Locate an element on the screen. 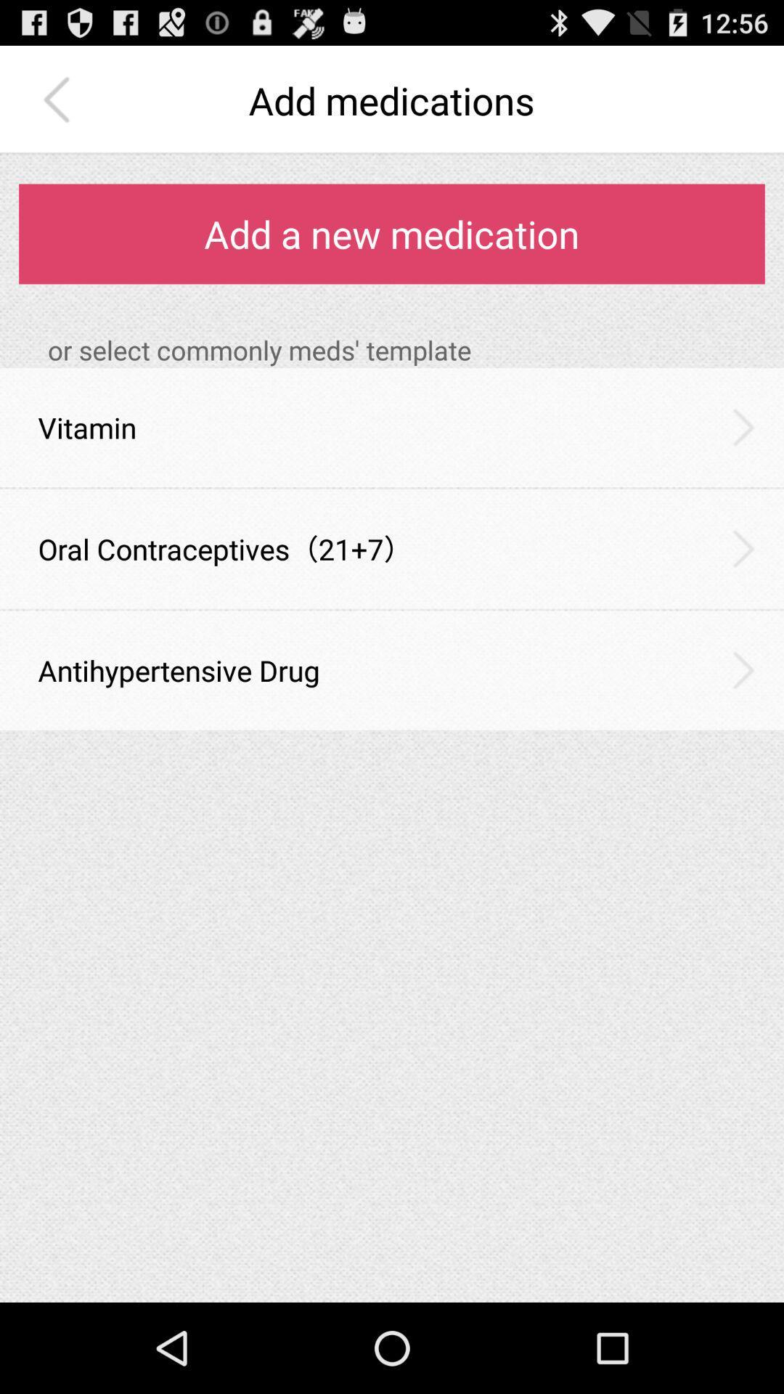 Image resolution: width=784 pixels, height=1394 pixels. the item to the left of add medications is located at coordinates (60, 99).